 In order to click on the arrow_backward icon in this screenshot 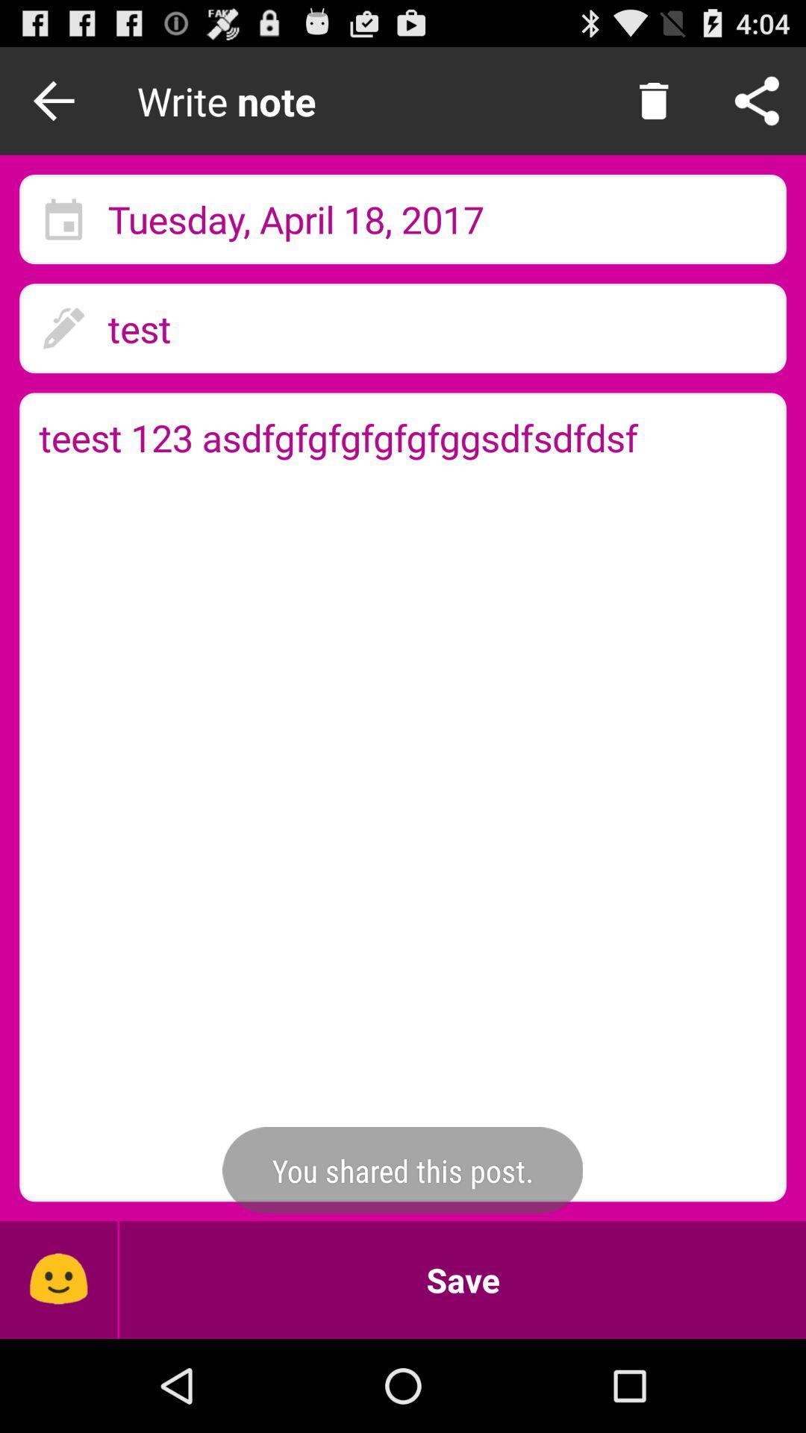, I will do `click(57, 107)`.